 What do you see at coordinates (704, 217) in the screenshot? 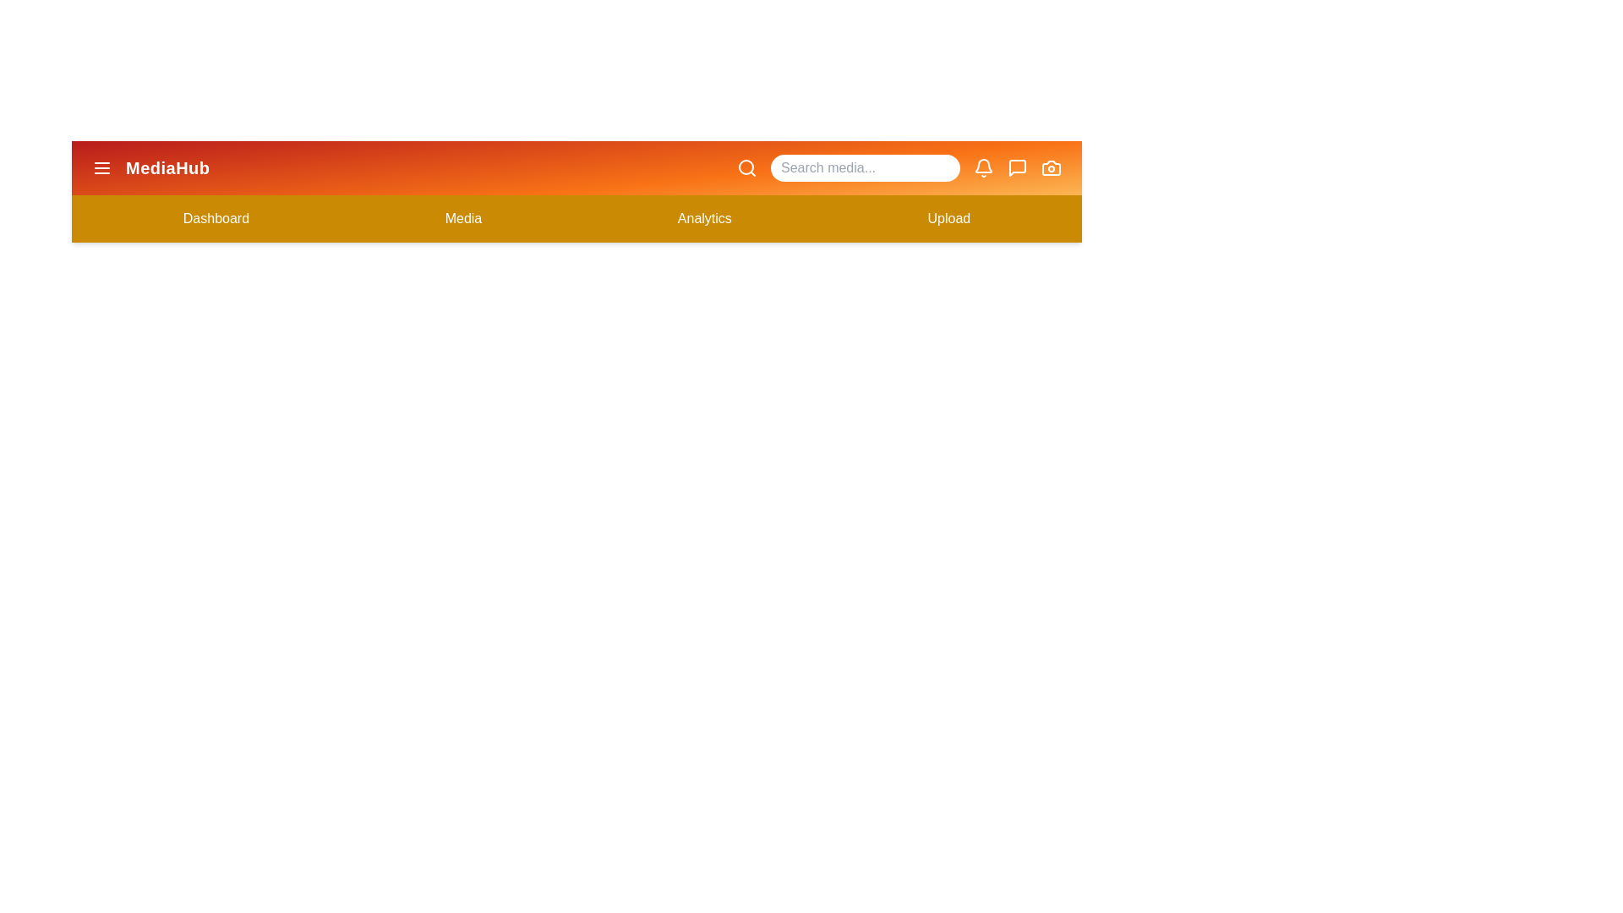
I see `the 'Analytics' menu item to navigate to the Analytics section` at bounding box center [704, 217].